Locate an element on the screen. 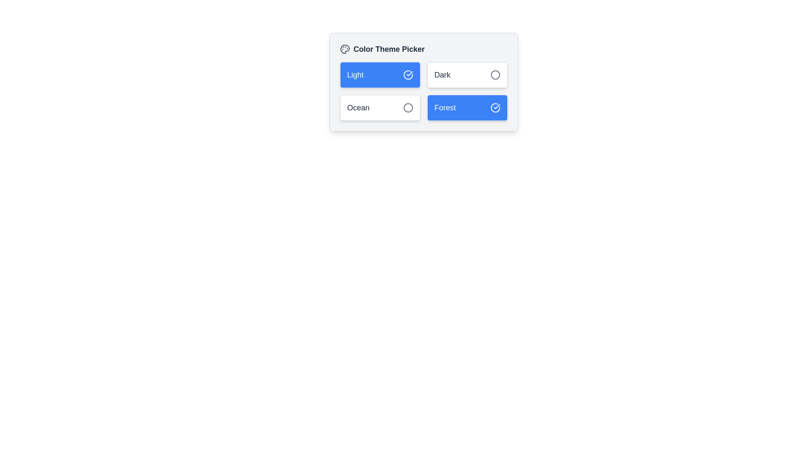  the button labeled Ocean to observe visual feedback is located at coordinates (380, 107).